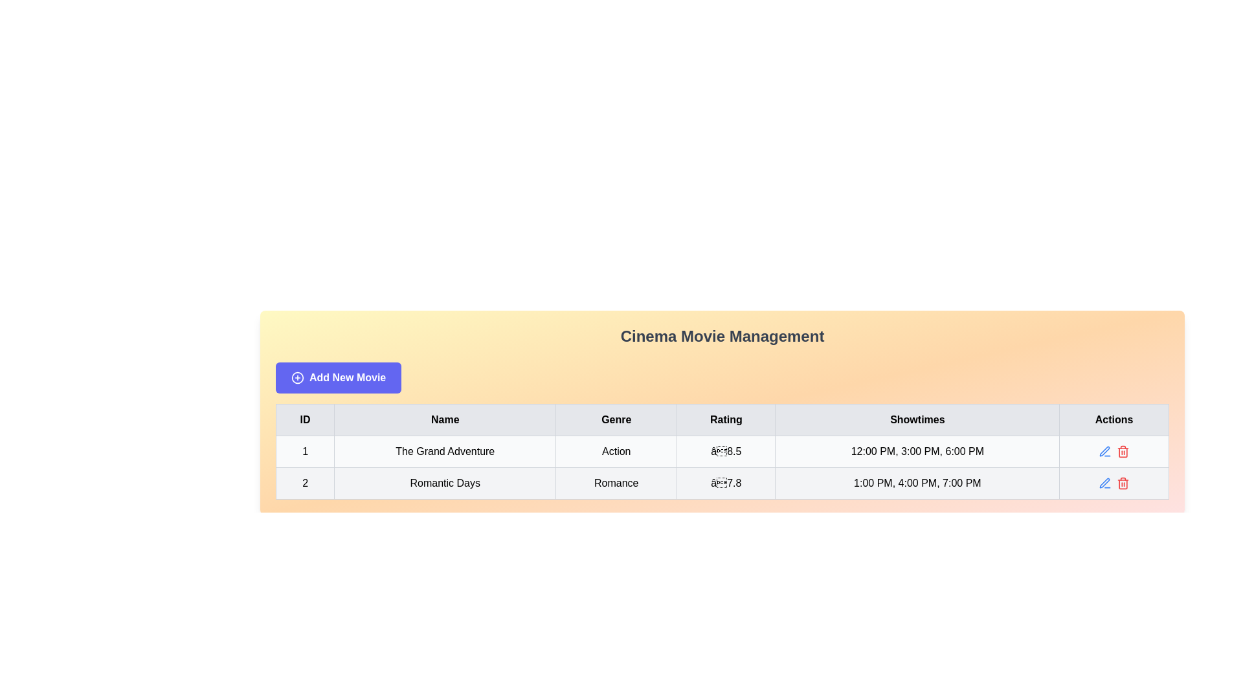 This screenshot has height=699, width=1243. What do you see at coordinates (1104, 451) in the screenshot?
I see `the blue edit tool icon button located in the 'Actions' column of the second row of the table to observe its hover effects` at bounding box center [1104, 451].